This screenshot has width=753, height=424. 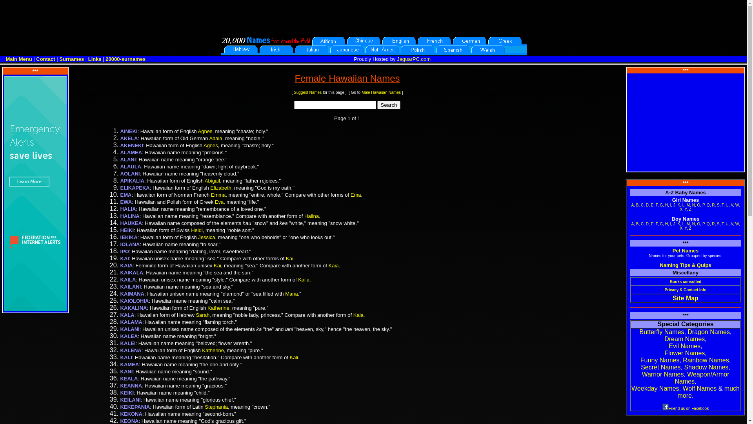 I want to click on 'B', so click(x=637, y=224).